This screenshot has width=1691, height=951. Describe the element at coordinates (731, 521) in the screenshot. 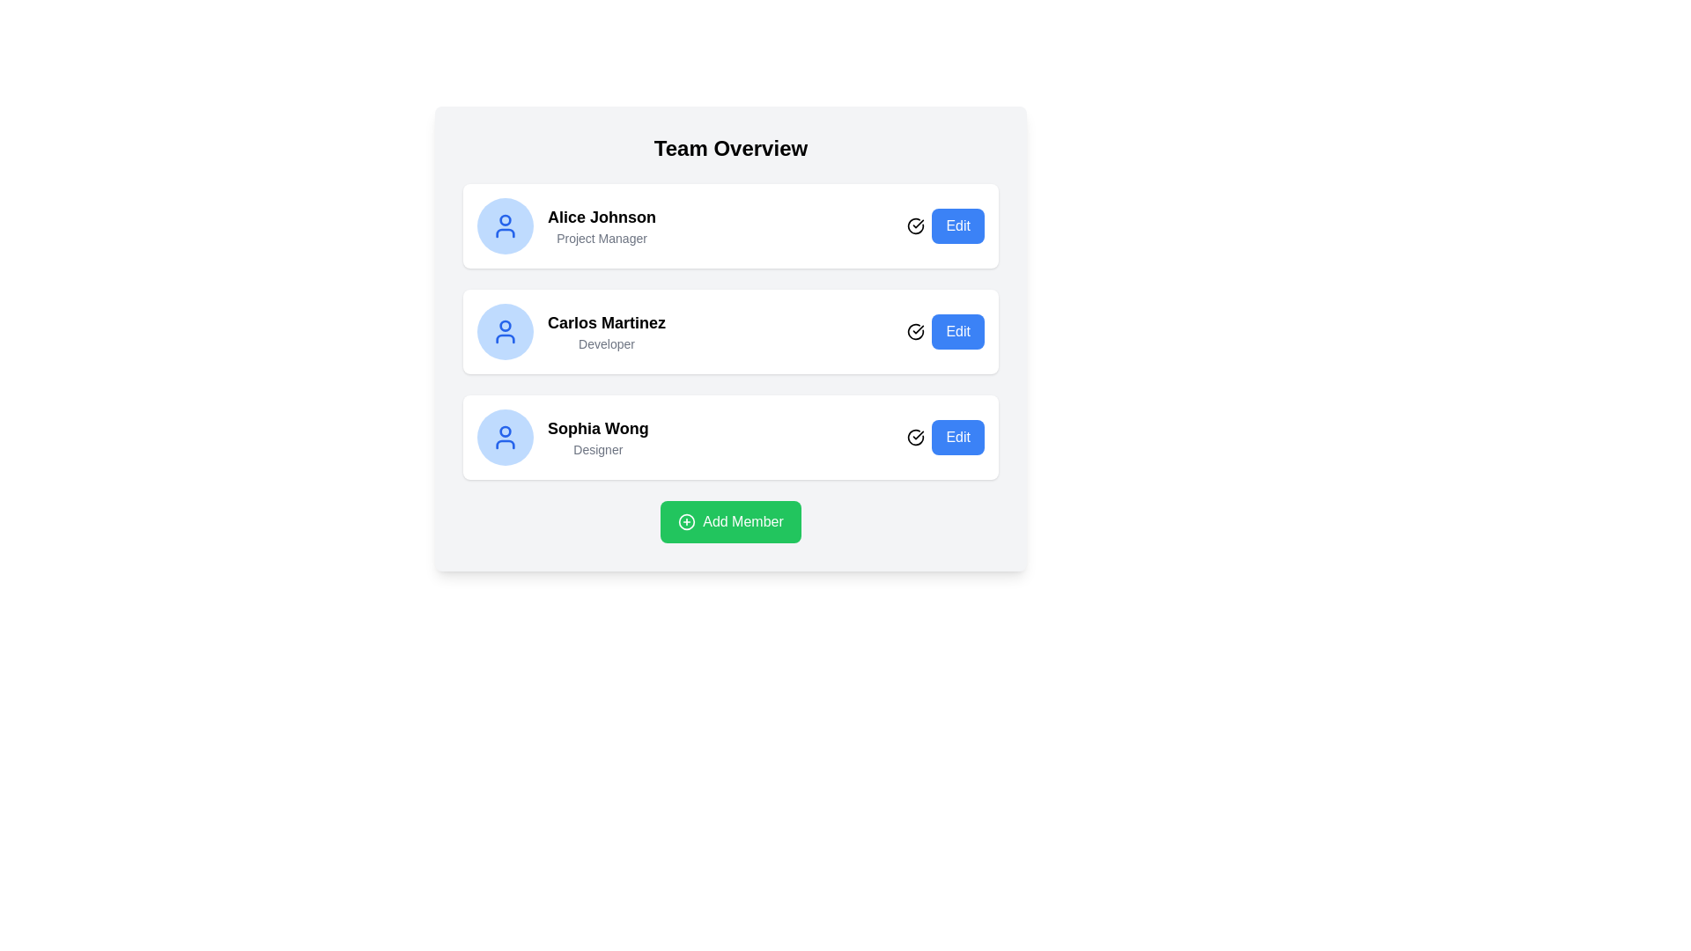

I see `the green 'Add Member' button to observe the hover effect that darkens its shade` at that location.